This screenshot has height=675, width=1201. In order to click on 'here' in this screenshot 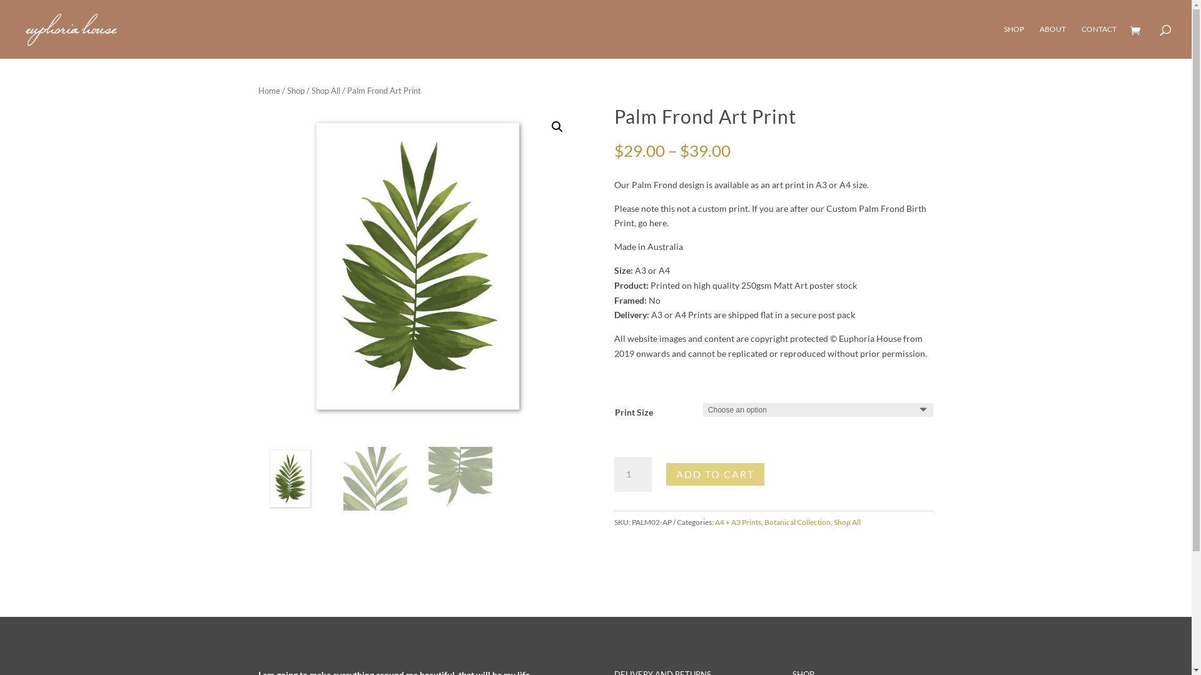, I will do `click(657, 222)`.